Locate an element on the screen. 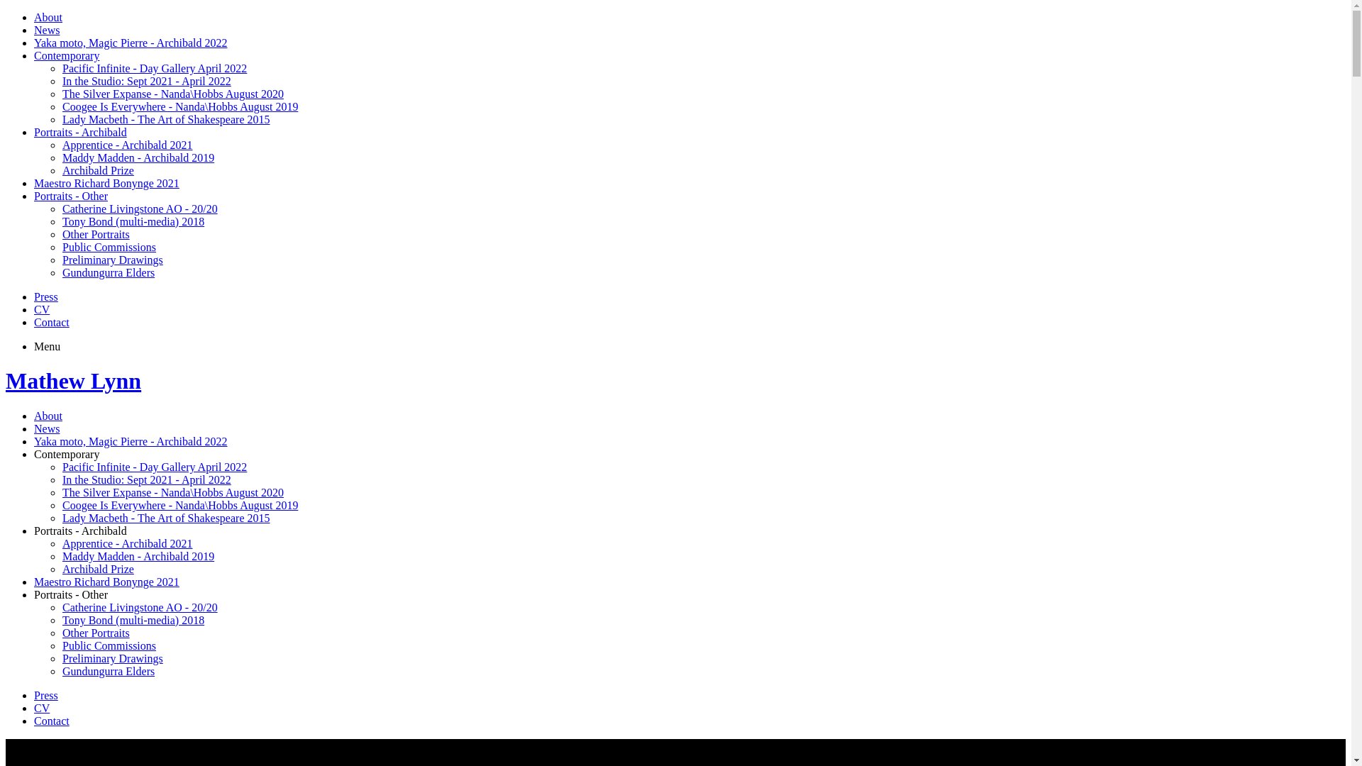  'Contemporary' is located at coordinates (66, 454).